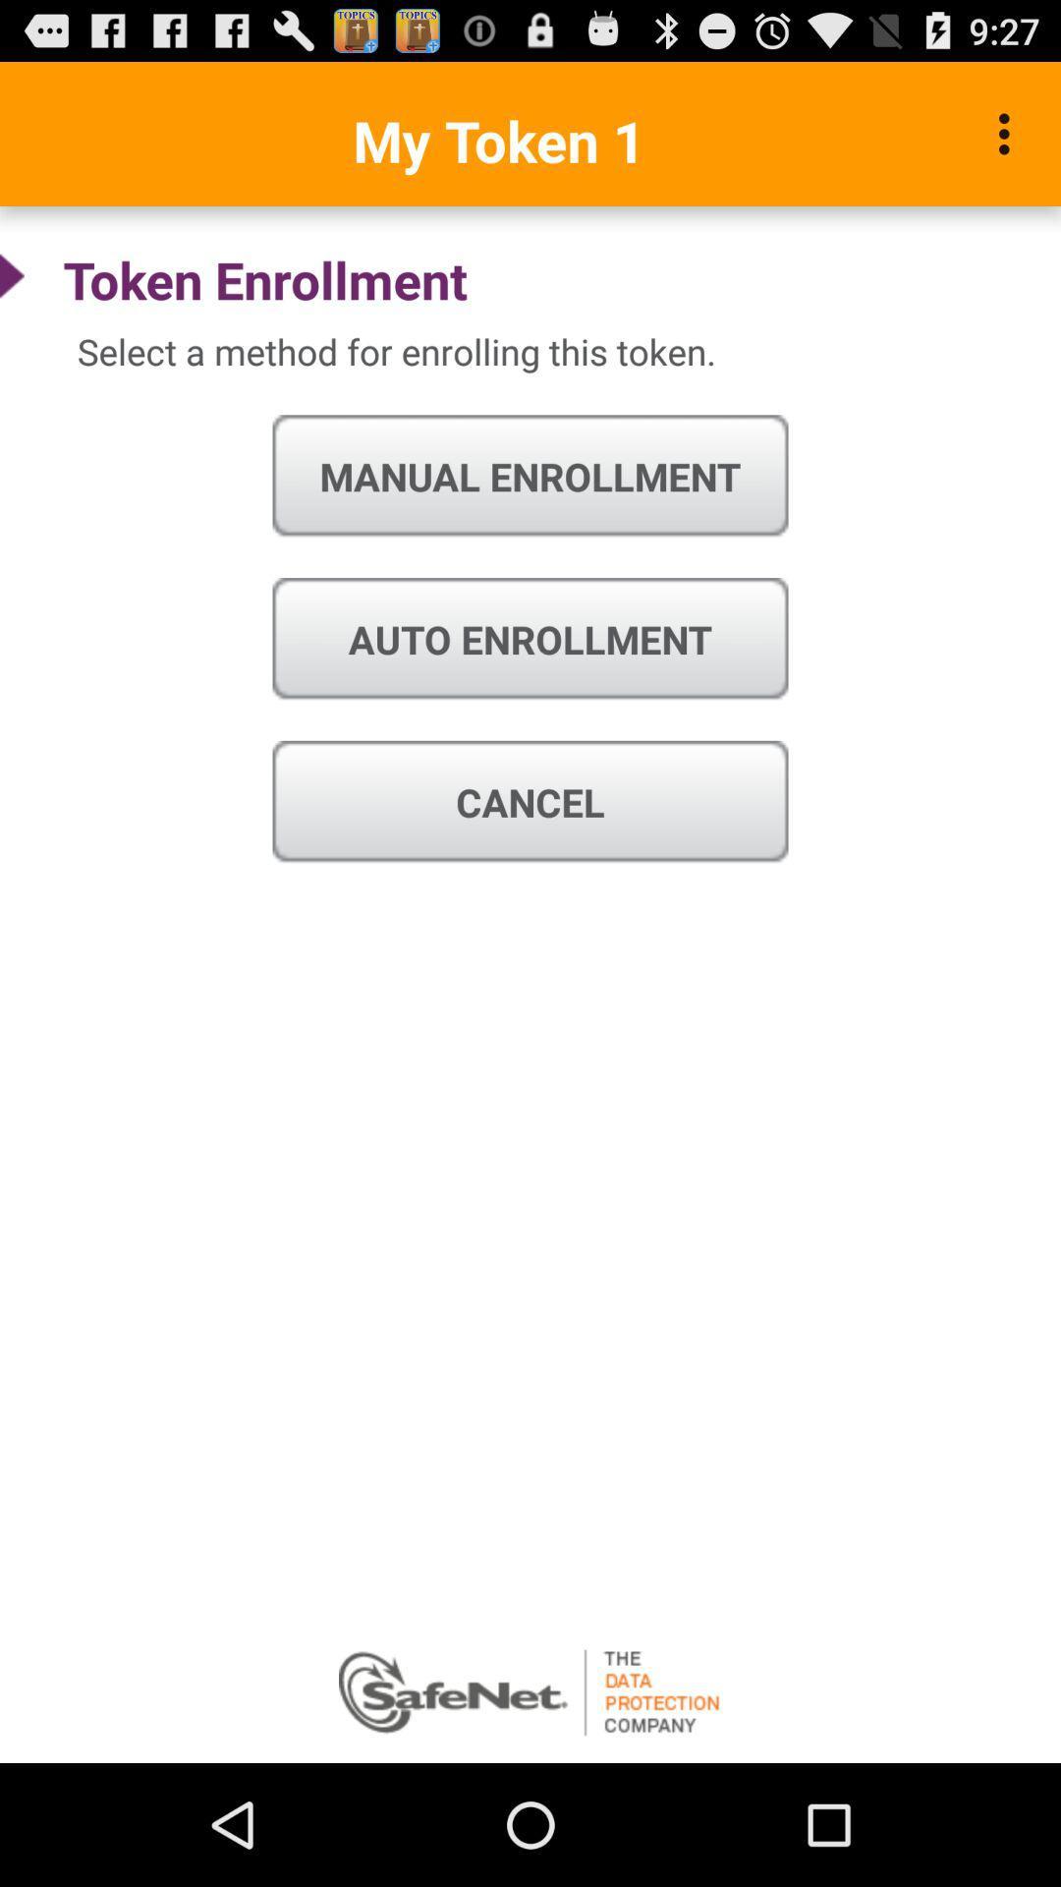  I want to click on the auto enrollment, so click(530, 640).